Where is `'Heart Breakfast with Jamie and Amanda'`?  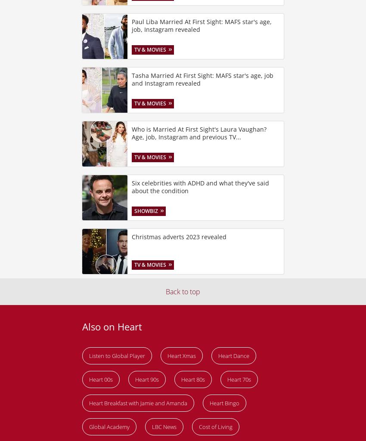 'Heart Breakfast with Jamie and Amanda' is located at coordinates (138, 403).